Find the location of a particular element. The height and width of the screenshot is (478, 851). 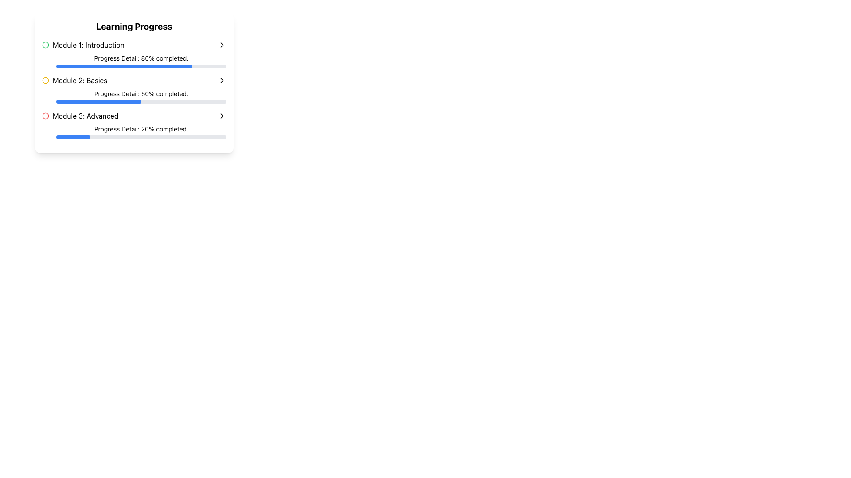

the text label reading 'Module 3: Advanced', which is the third item in the vertical list of modules under 'Learning Progress' is located at coordinates (80, 116).